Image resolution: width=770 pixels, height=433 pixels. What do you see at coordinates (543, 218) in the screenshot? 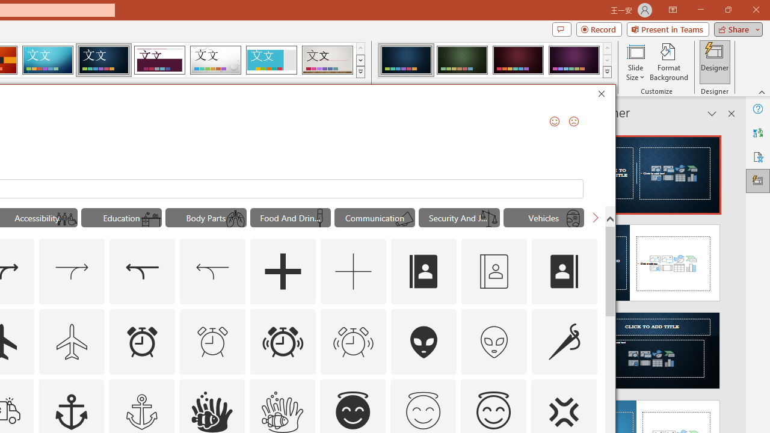
I see `'"Vehicles" Icons.'` at bounding box center [543, 218].